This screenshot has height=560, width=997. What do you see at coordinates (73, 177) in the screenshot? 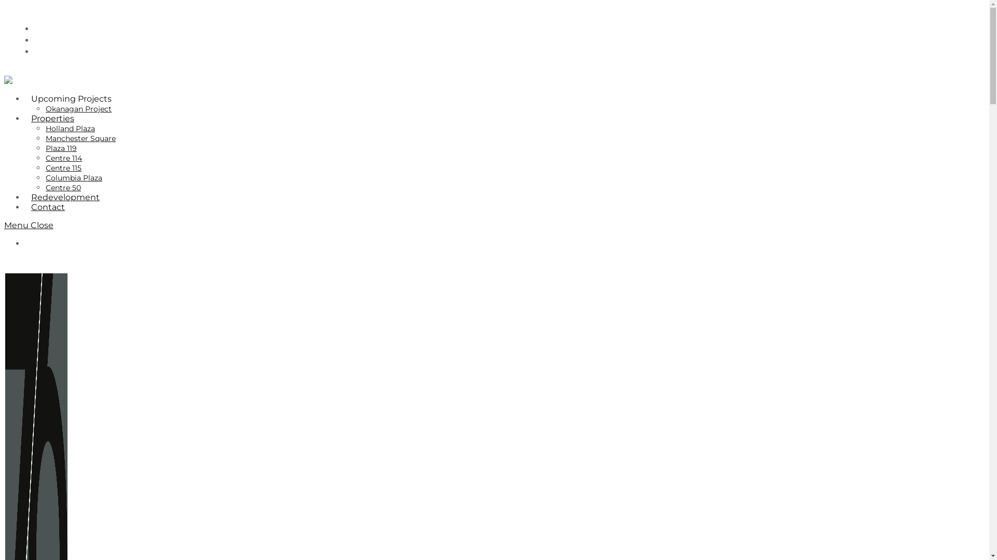
I see `'Columbia Plaza'` at bounding box center [73, 177].